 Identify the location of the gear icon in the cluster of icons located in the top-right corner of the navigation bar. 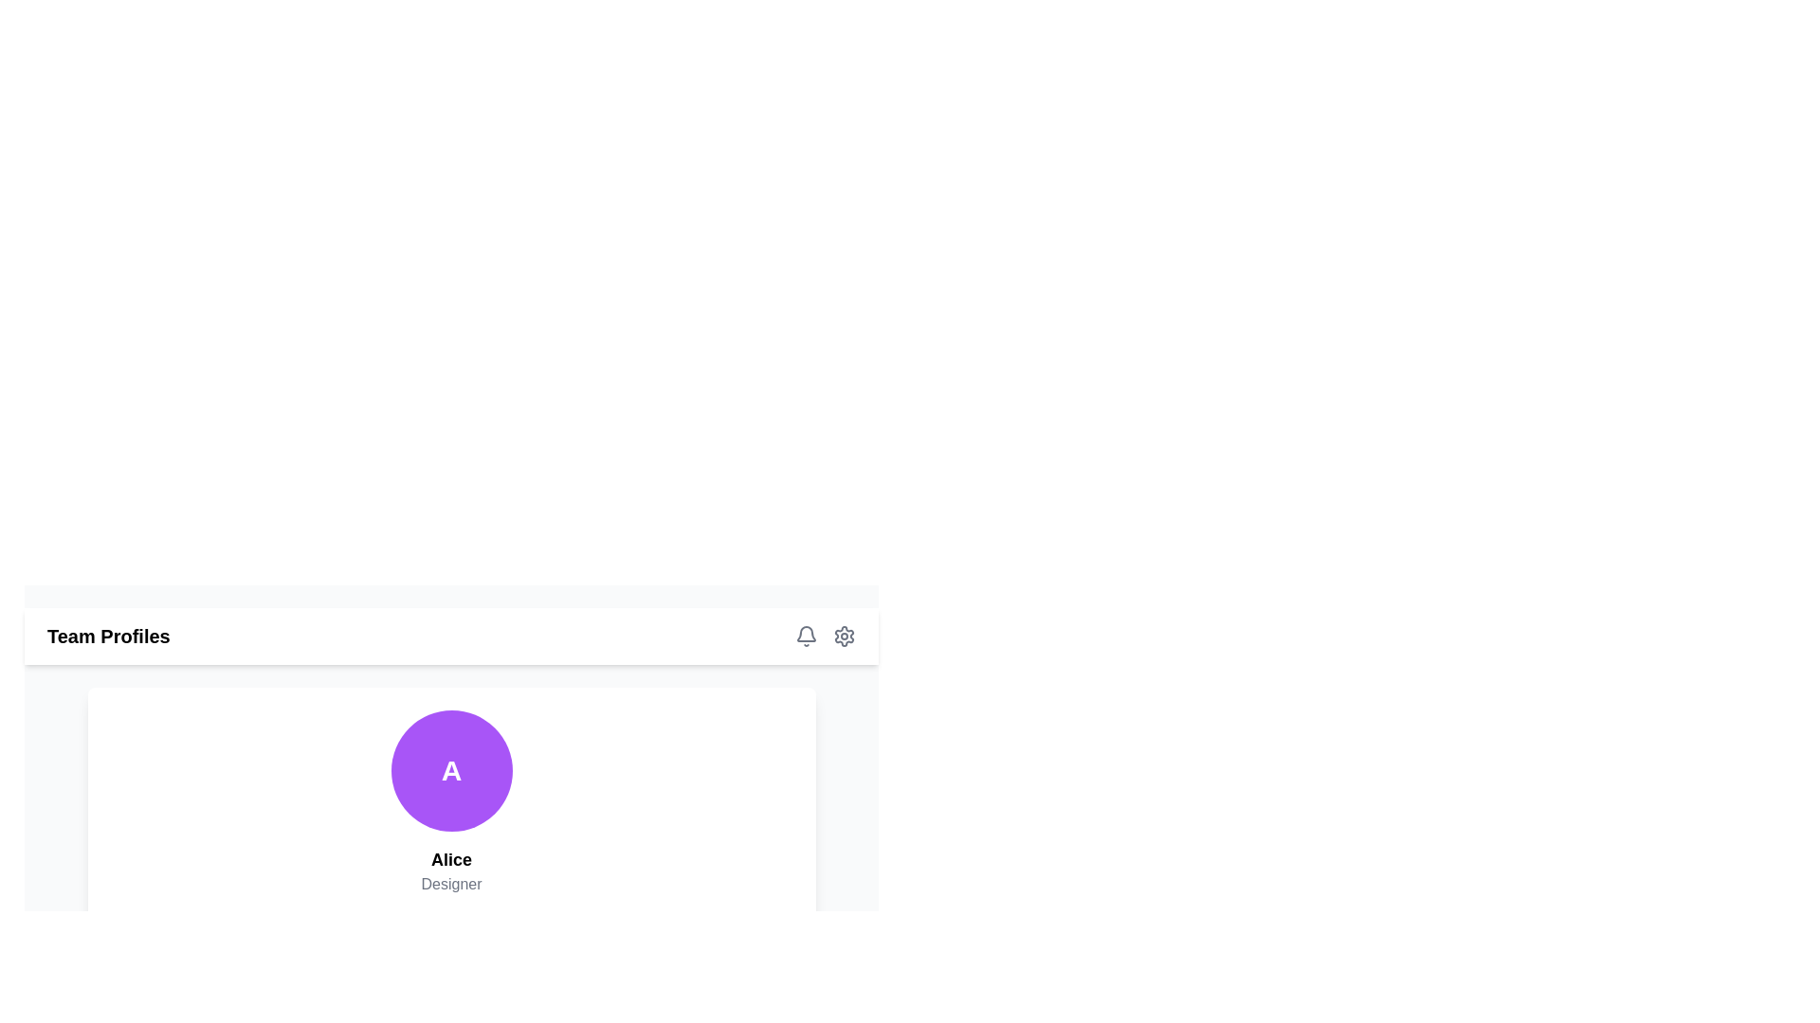
(825, 636).